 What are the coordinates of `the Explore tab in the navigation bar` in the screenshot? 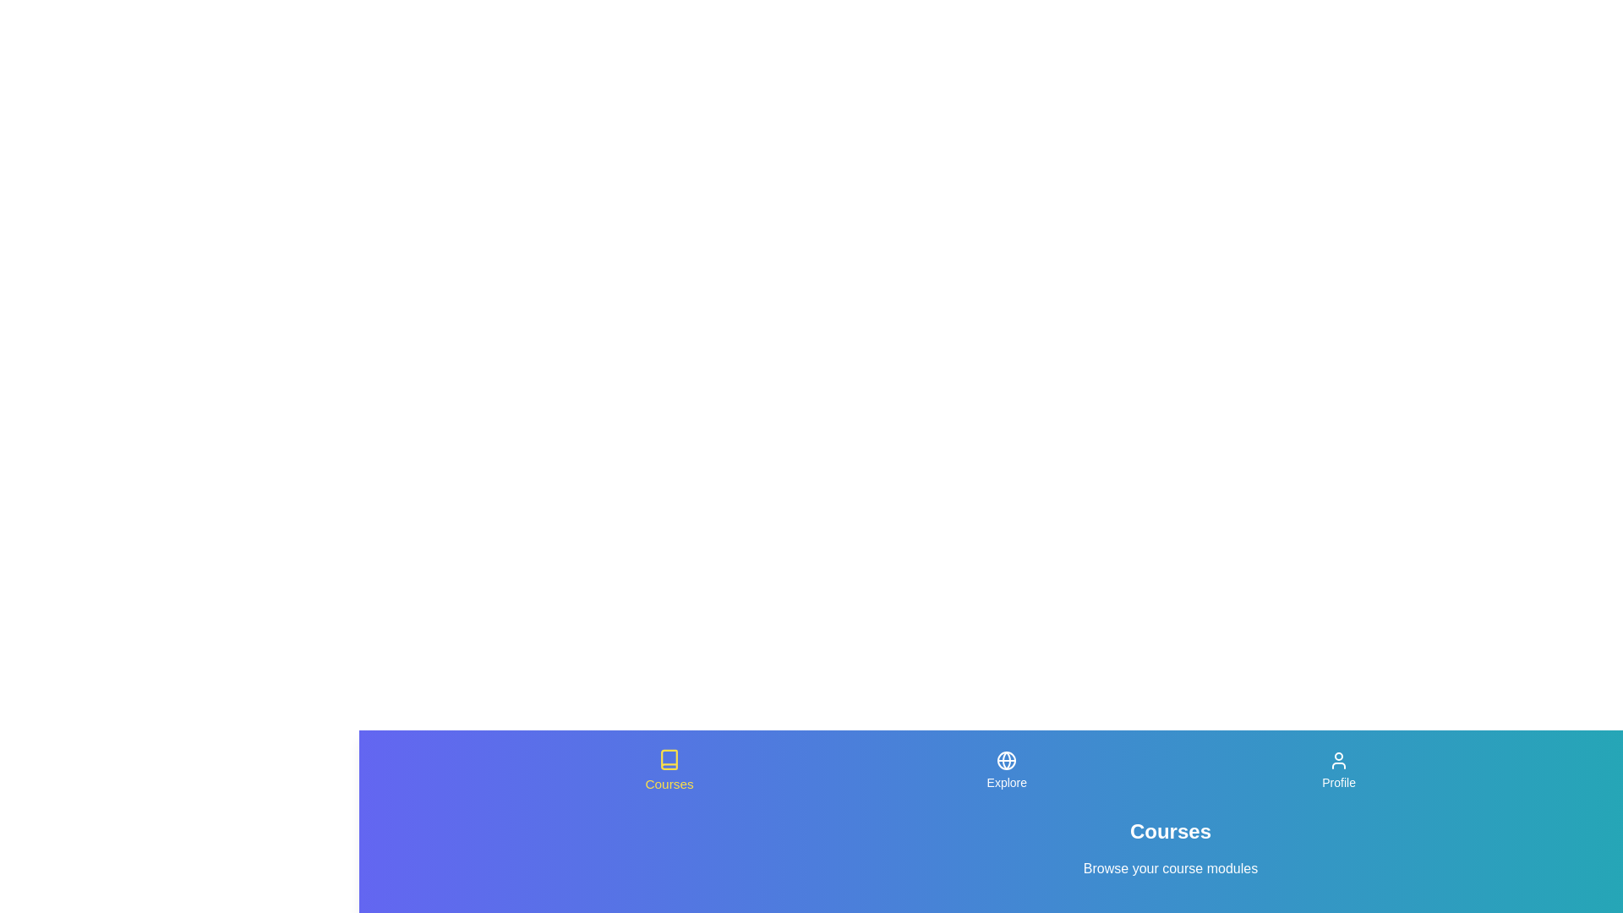 It's located at (1006, 770).